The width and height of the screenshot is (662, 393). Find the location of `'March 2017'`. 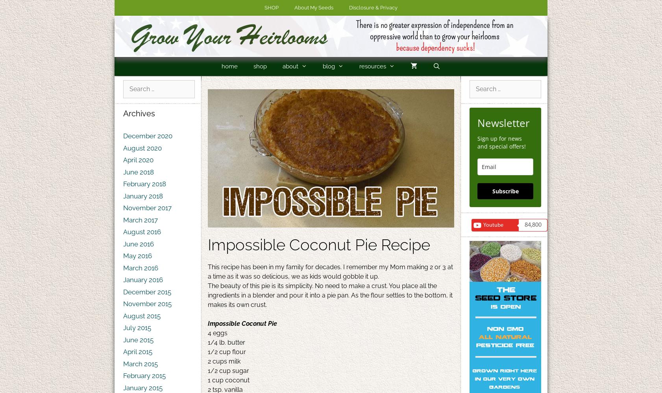

'March 2017' is located at coordinates (140, 220).